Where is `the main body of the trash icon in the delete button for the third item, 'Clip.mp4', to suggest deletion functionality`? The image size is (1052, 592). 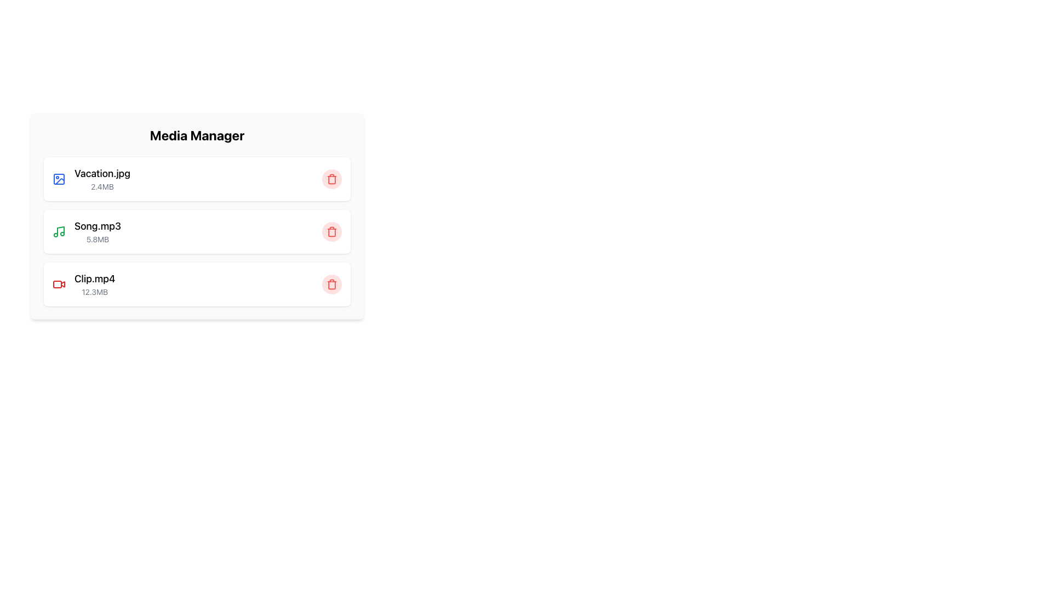 the main body of the trash icon in the delete button for the third item, 'Clip.mp4', to suggest deletion functionality is located at coordinates (331, 284).